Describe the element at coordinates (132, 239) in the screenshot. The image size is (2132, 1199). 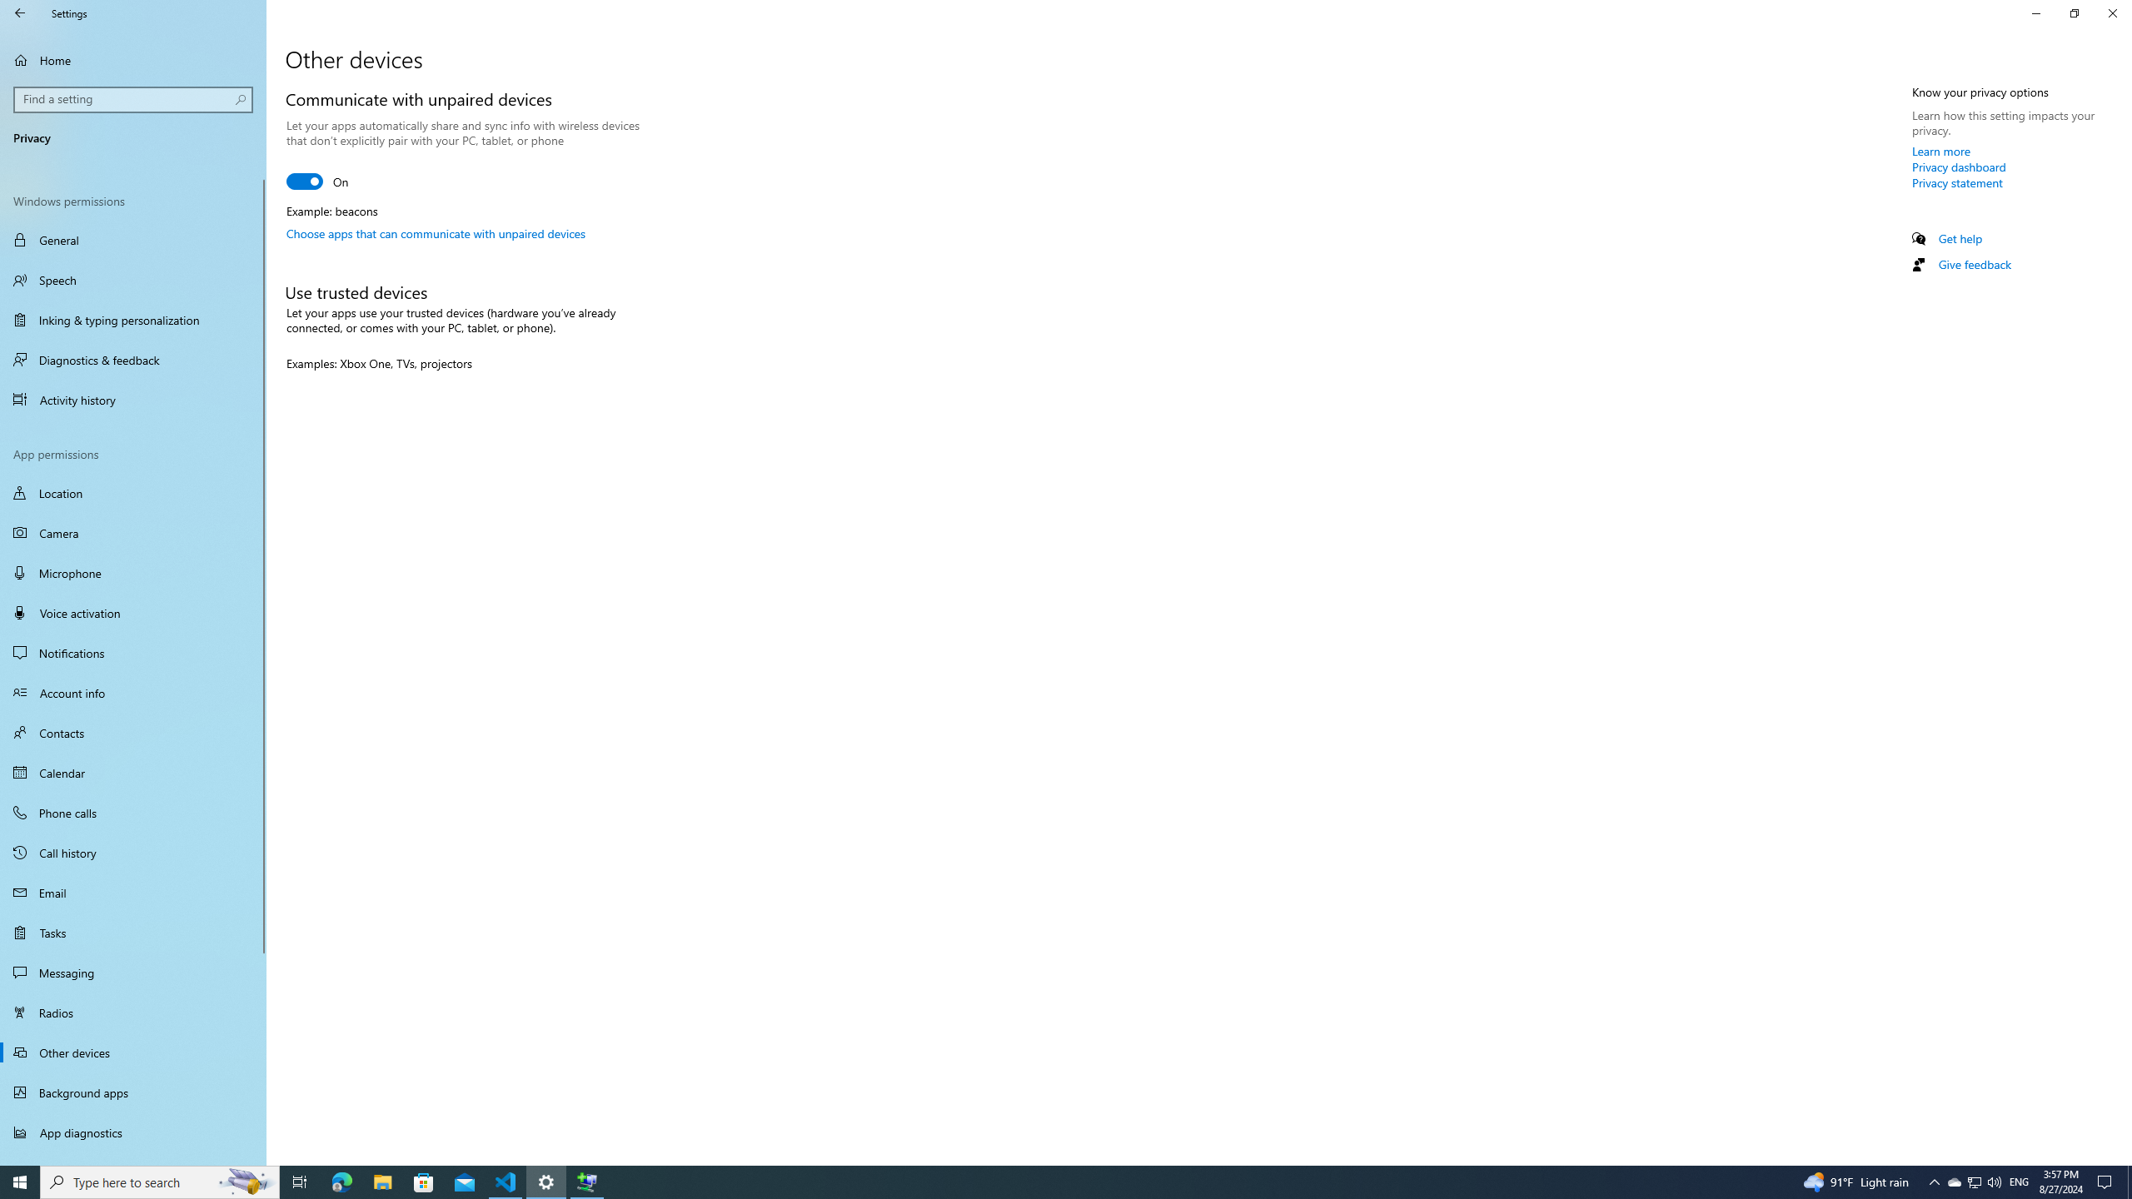
I see `'General'` at that location.